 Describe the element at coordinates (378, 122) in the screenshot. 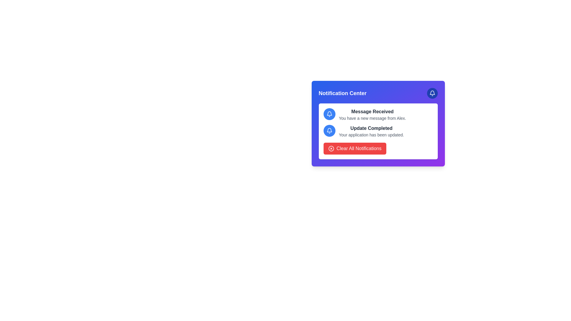

I see `an individual notification entry in the notification list` at that location.